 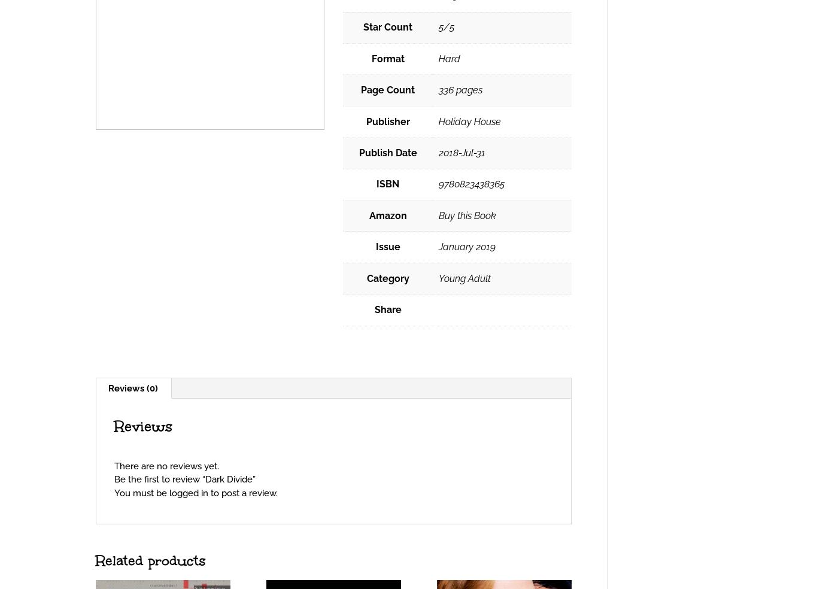 I want to click on 'Young Adult', so click(x=464, y=278).